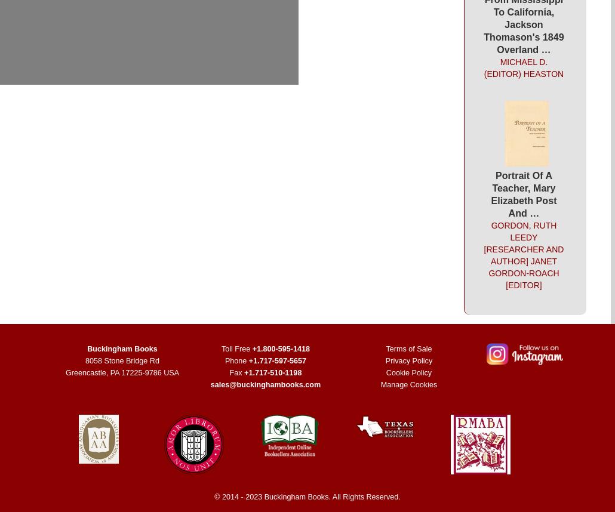 The image size is (615, 512). Describe the element at coordinates (306, 496) in the screenshot. I see `'© 2014 - 2023 Buckingham Books.  All Rights Reserved.'` at that location.